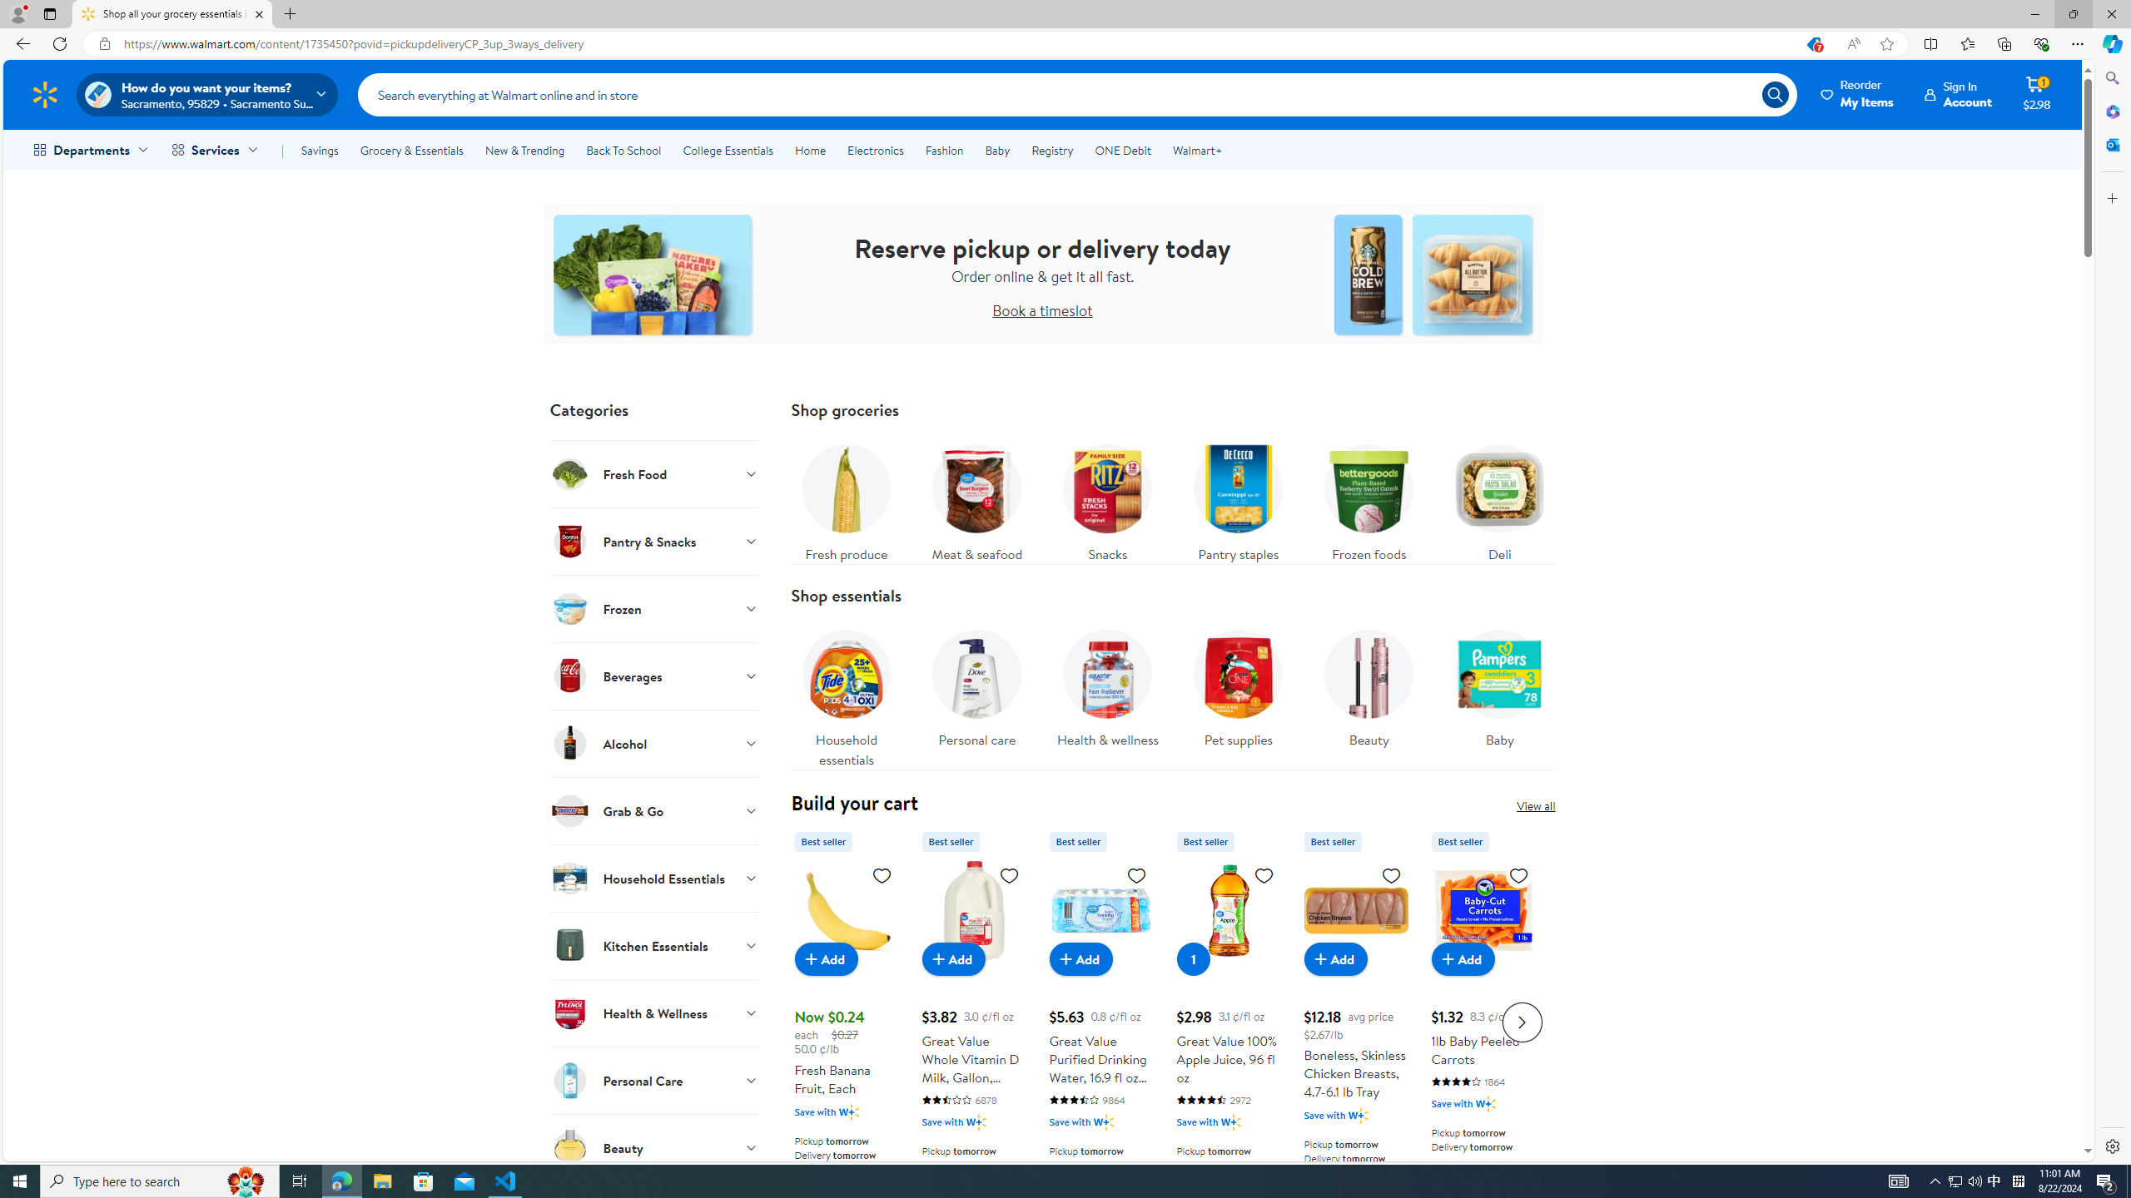 Image resolution: width=2131 pixels, height=1198 pixels. What do you see at coordinates (622, 150) in the screenshot?
I see `'Back To School'` at bounding box center [622, 150].